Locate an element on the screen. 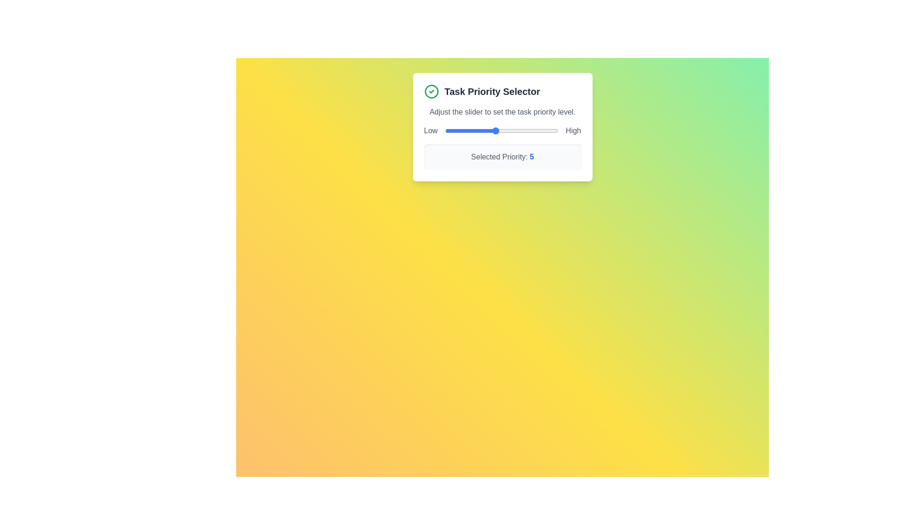  the descriptive text 'Adjust the slider to set the task priority level.' is located at coordinates (502, 111).